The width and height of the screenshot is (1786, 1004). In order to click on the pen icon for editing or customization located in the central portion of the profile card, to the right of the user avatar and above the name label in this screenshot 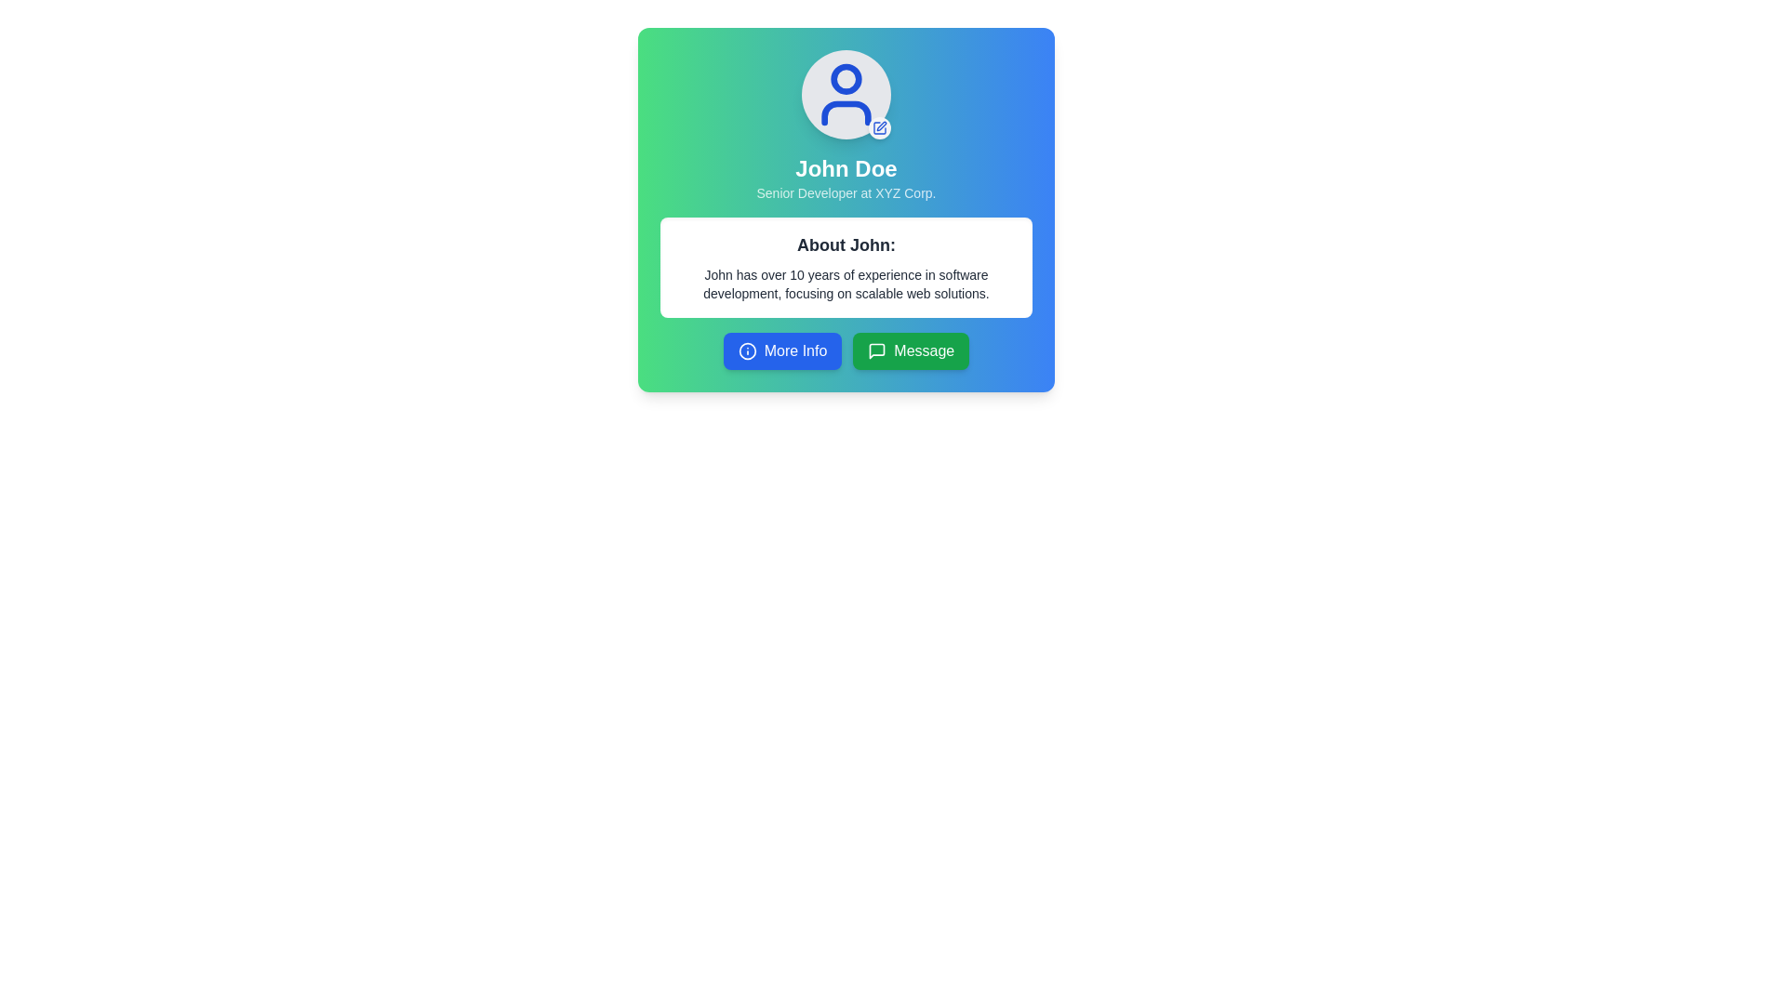, I will do `click(881, 125)`.